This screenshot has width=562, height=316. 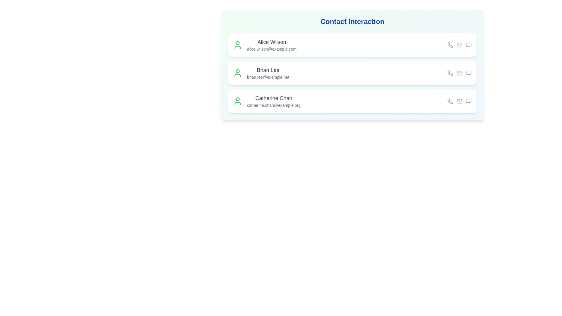 I want to click on the phone icon for the contact Alice Wilson, so click(x=450, y=45).